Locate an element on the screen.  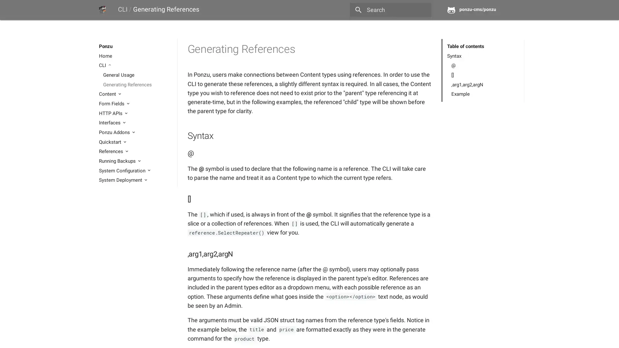
close is located at coordinates (423, 10).